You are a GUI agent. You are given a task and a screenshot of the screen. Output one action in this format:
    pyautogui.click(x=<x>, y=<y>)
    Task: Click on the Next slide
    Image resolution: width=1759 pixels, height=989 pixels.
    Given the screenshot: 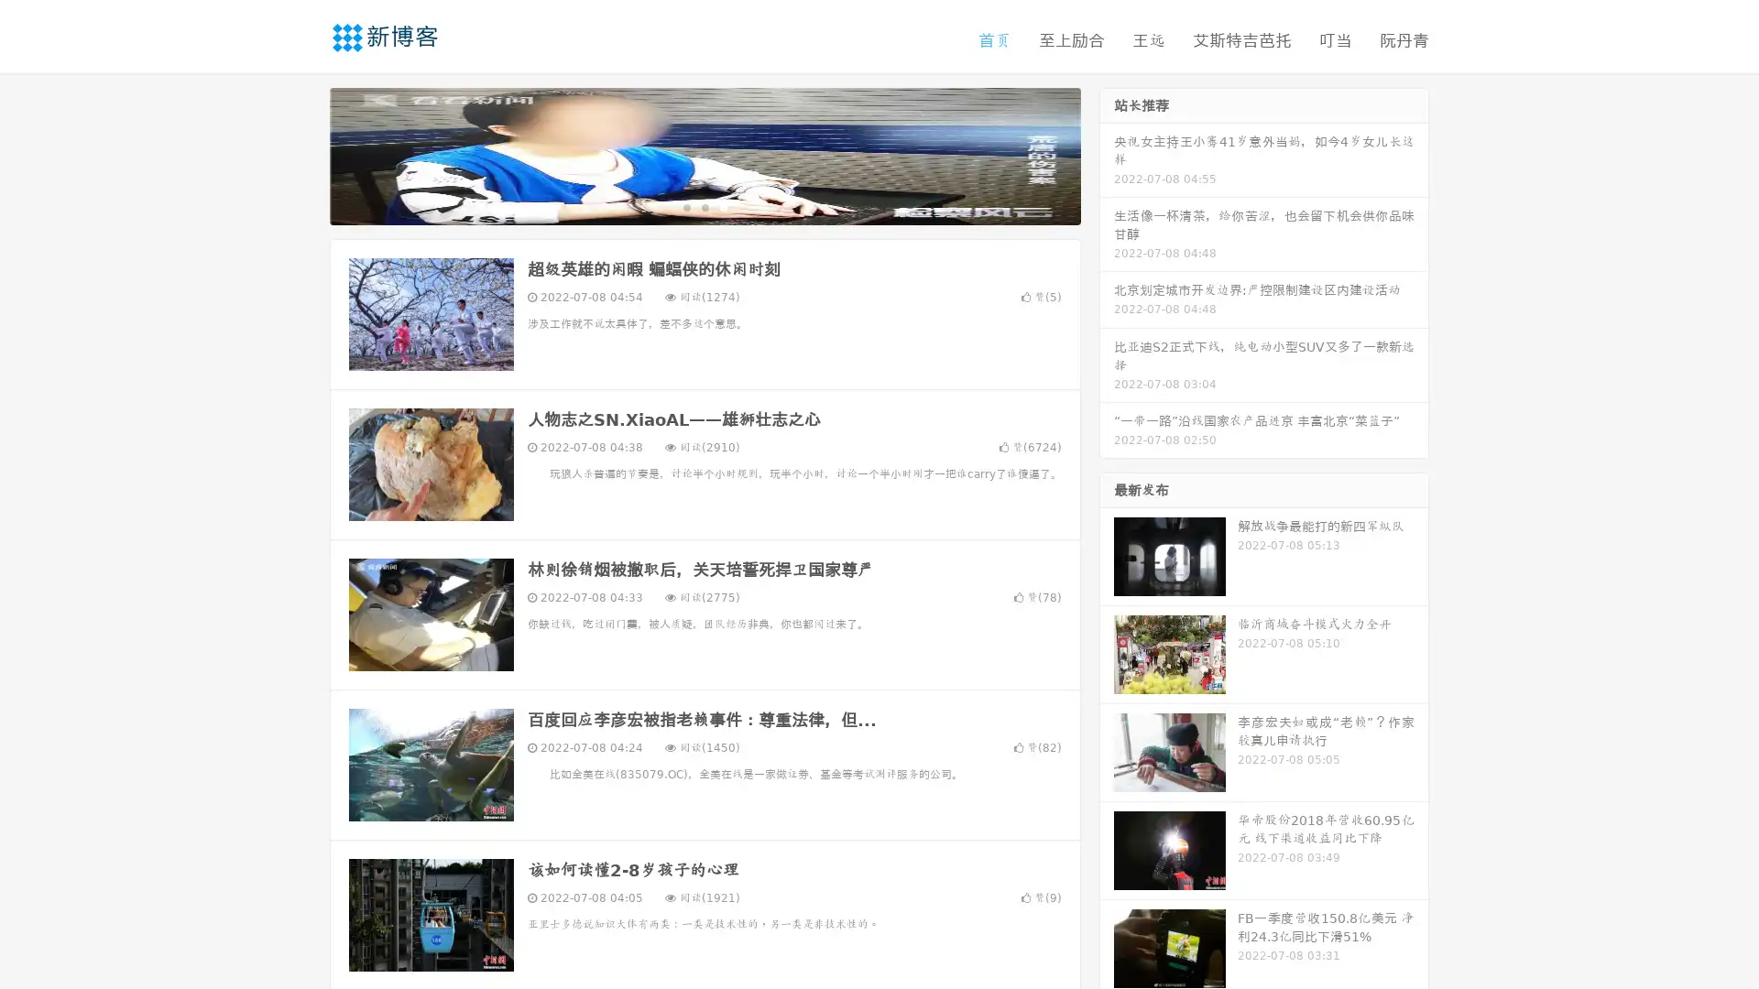 What is the action you would take?
    pyautogui.click(x=1107, y=154)
    